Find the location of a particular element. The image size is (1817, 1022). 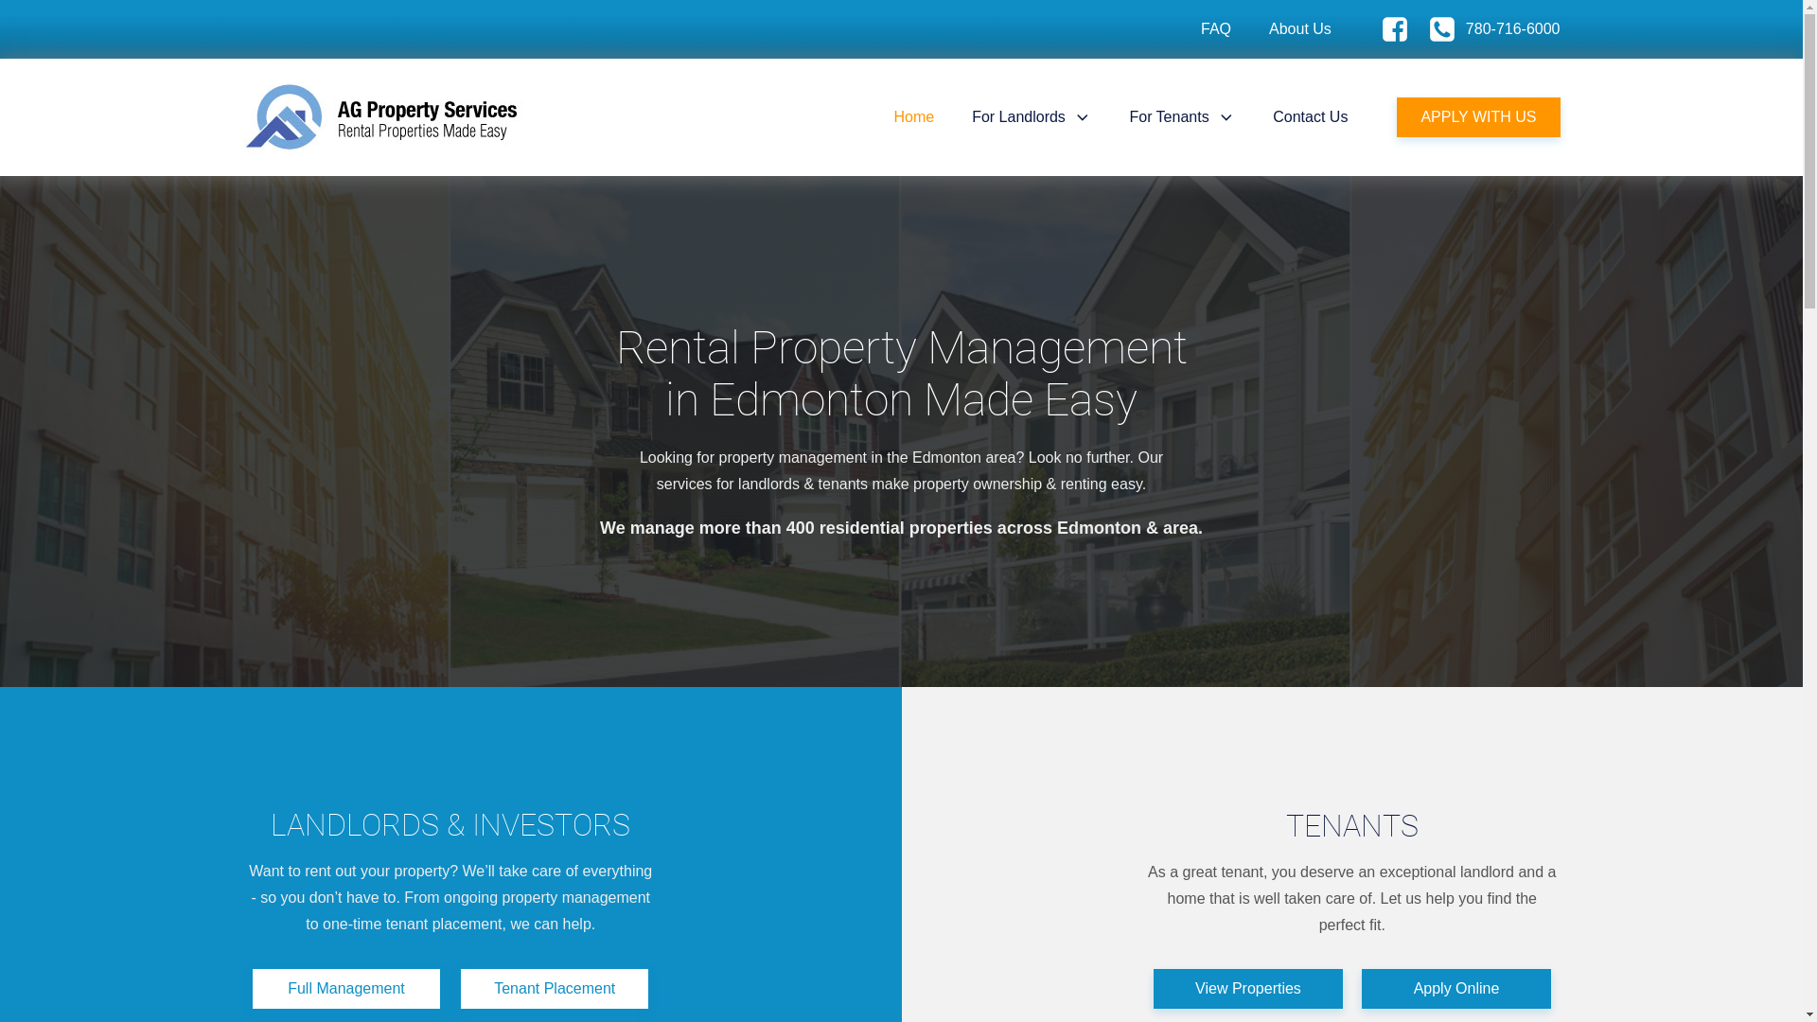

'About Us' is located at coordinates (1268, 28).